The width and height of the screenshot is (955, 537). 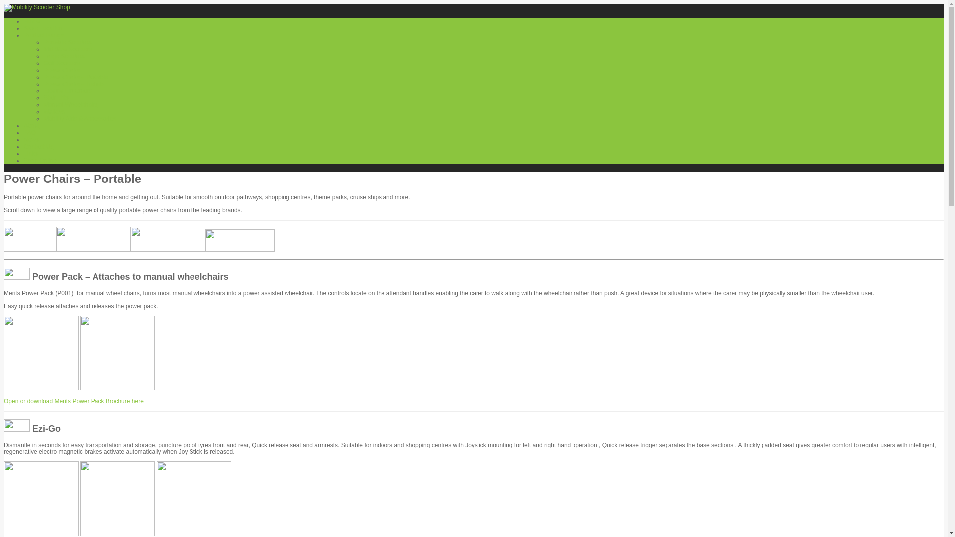 What do you see at coordinates (29, 132) in the screenshot?
I see `'FAQ'` at bounding box center [29, 132].